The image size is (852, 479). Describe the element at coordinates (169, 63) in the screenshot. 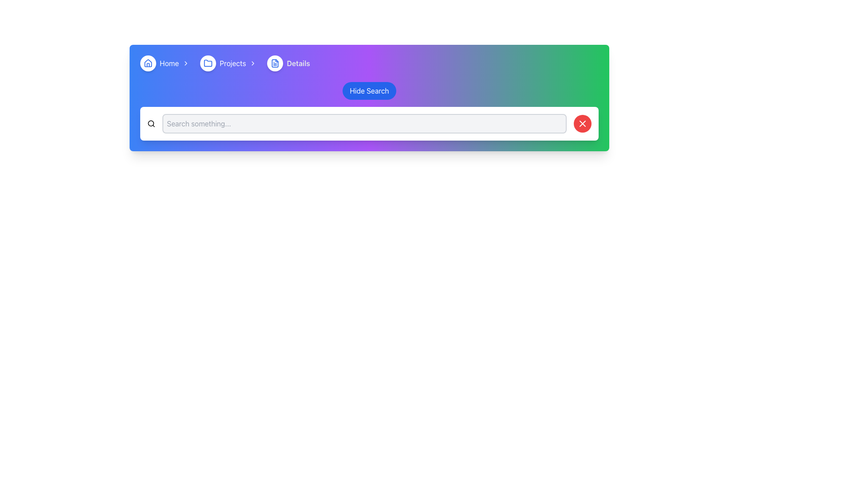

I see `the 'Home' hyperlink` at that location.